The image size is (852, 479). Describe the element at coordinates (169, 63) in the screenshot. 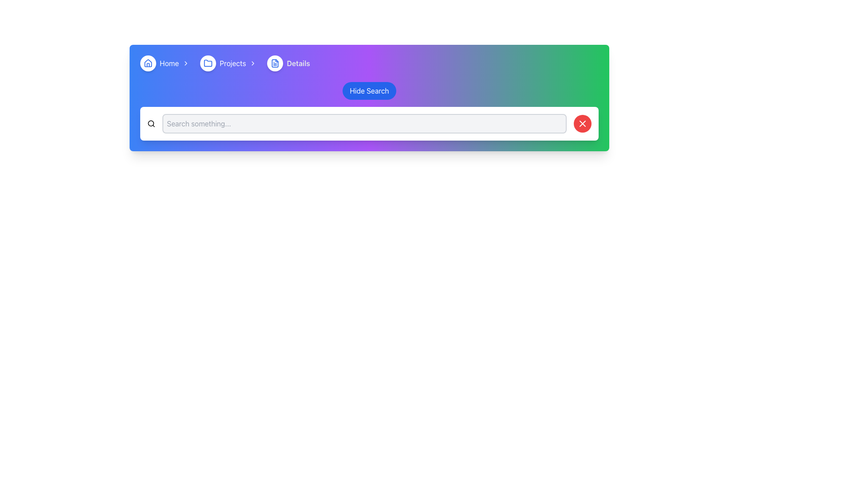

I see `the 'Home' hyperlink` at that location.